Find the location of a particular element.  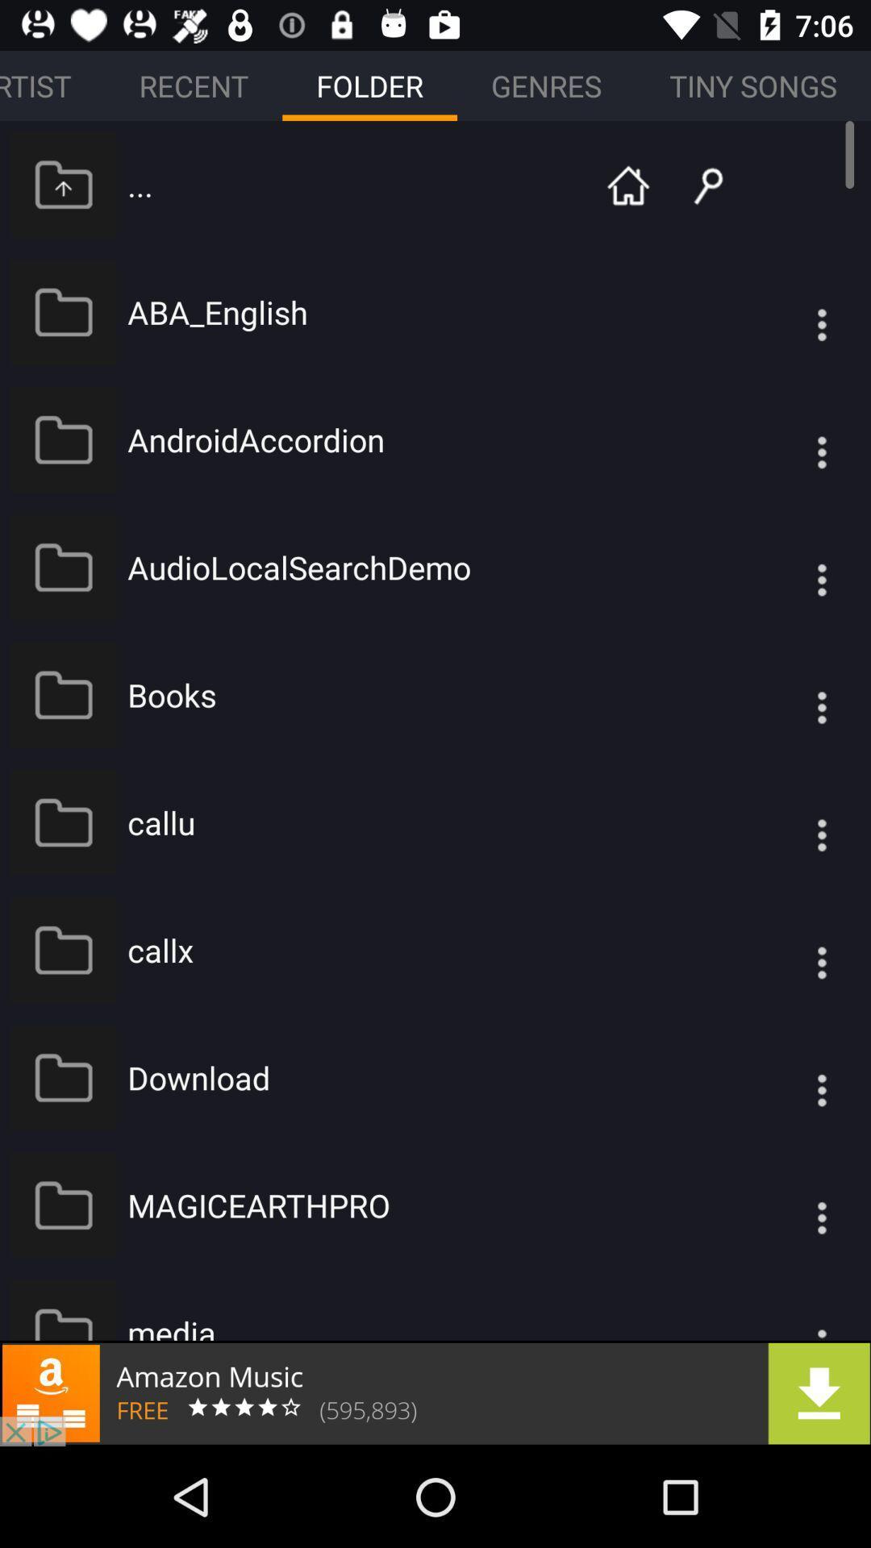

show folder options is located at coordinates (789, 1205).